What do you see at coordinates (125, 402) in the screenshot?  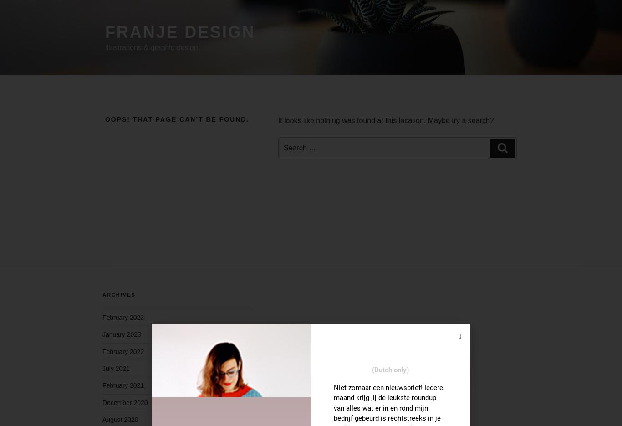 I see `'December 2020'` at bounding box center [125, 402].